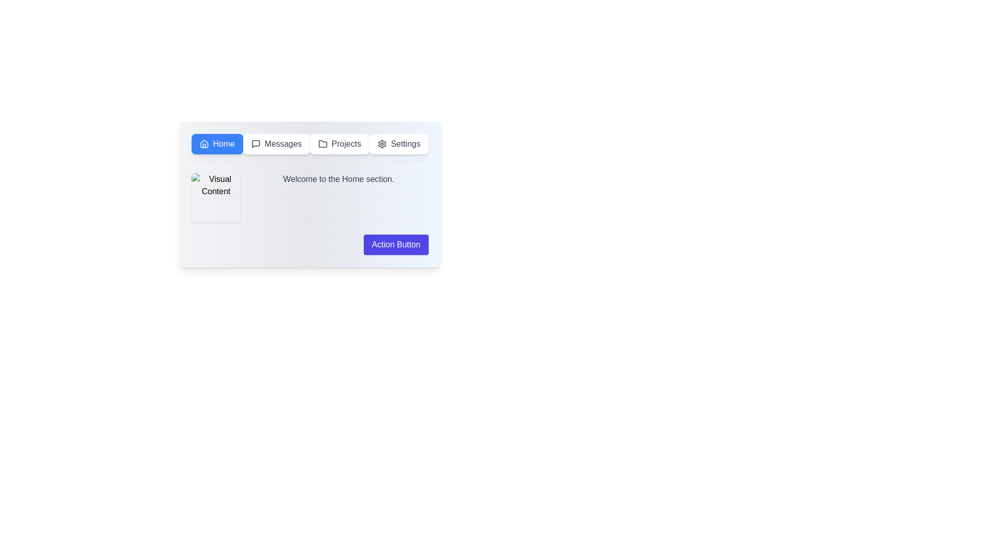  I want to click on the 'Home' icon located on the blue button within the horizontal navigation menu at the top of the interface, so click(204, 144).